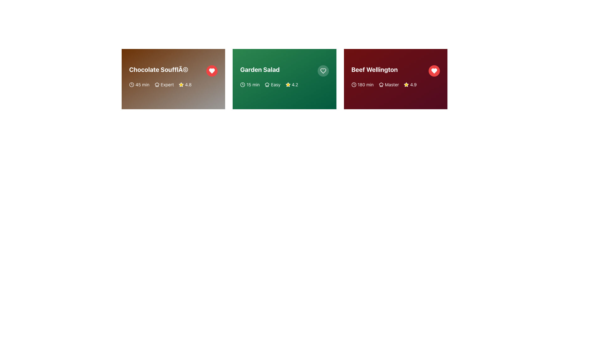 The height and width of the screenshot is (339, 602). Describe the element at coordinates (159, 70) in the screenshot. I see `title text displayed in the top-left corner of the card, which indicates the name of the item or content represented` at that location.